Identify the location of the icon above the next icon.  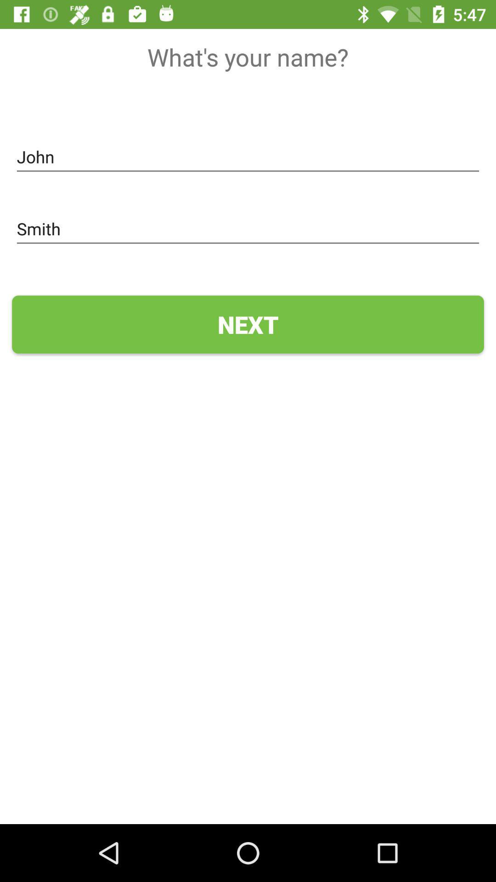
(248, 229).